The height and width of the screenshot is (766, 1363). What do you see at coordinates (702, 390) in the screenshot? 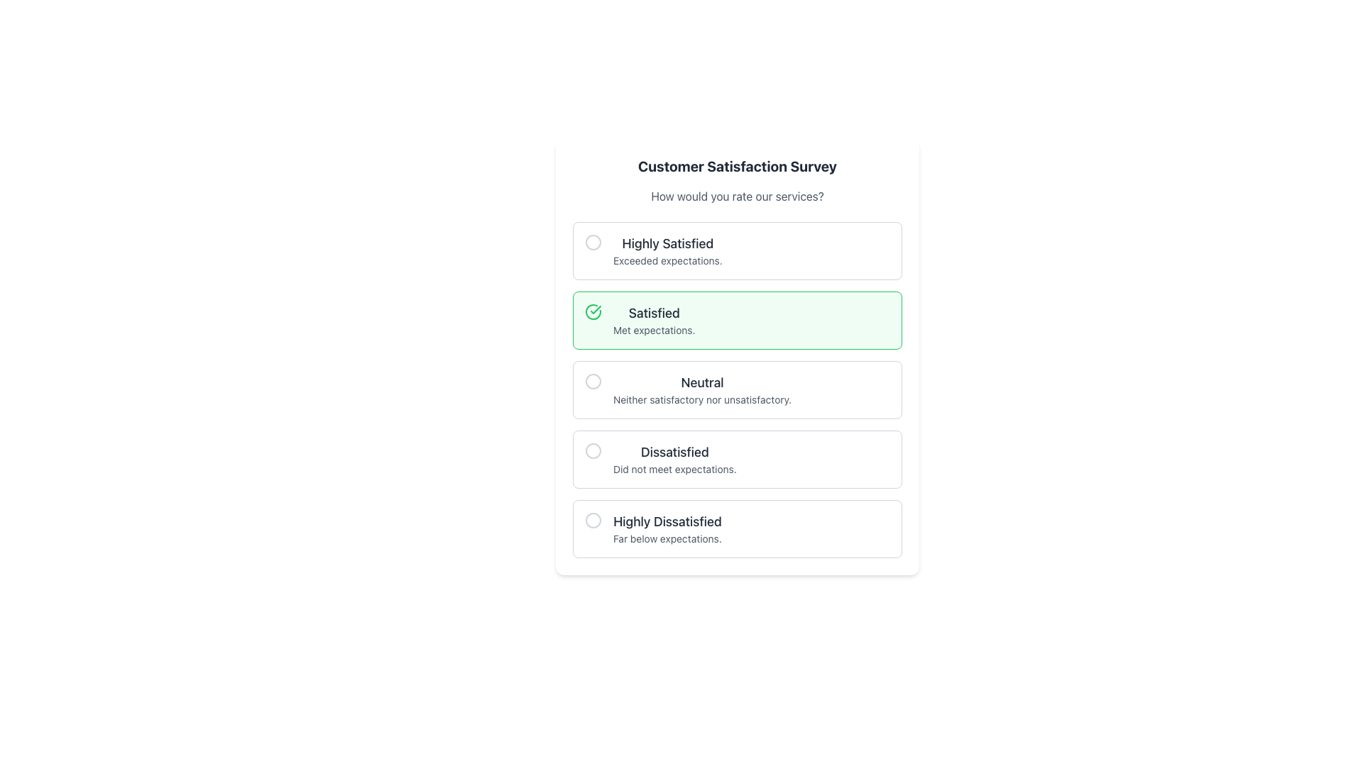
I see `the third survey option labeled 'Neutral'` at bounding box center [702, 390].